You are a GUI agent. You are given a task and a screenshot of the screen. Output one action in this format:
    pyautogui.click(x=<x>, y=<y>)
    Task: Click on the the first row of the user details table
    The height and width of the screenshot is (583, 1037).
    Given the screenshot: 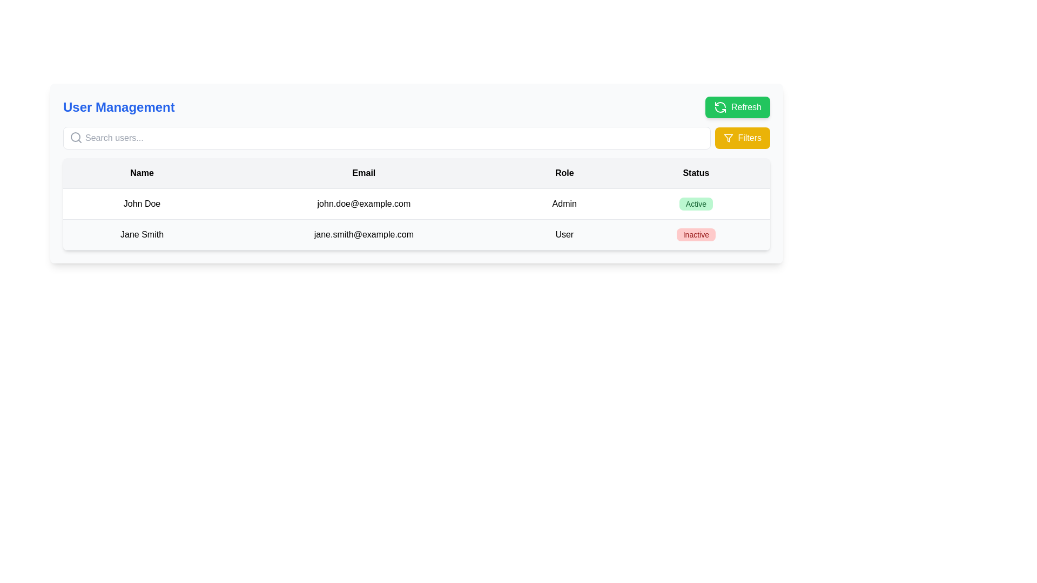 What is the action you would take?
    pyautogui.click(x=416, y=204)
    